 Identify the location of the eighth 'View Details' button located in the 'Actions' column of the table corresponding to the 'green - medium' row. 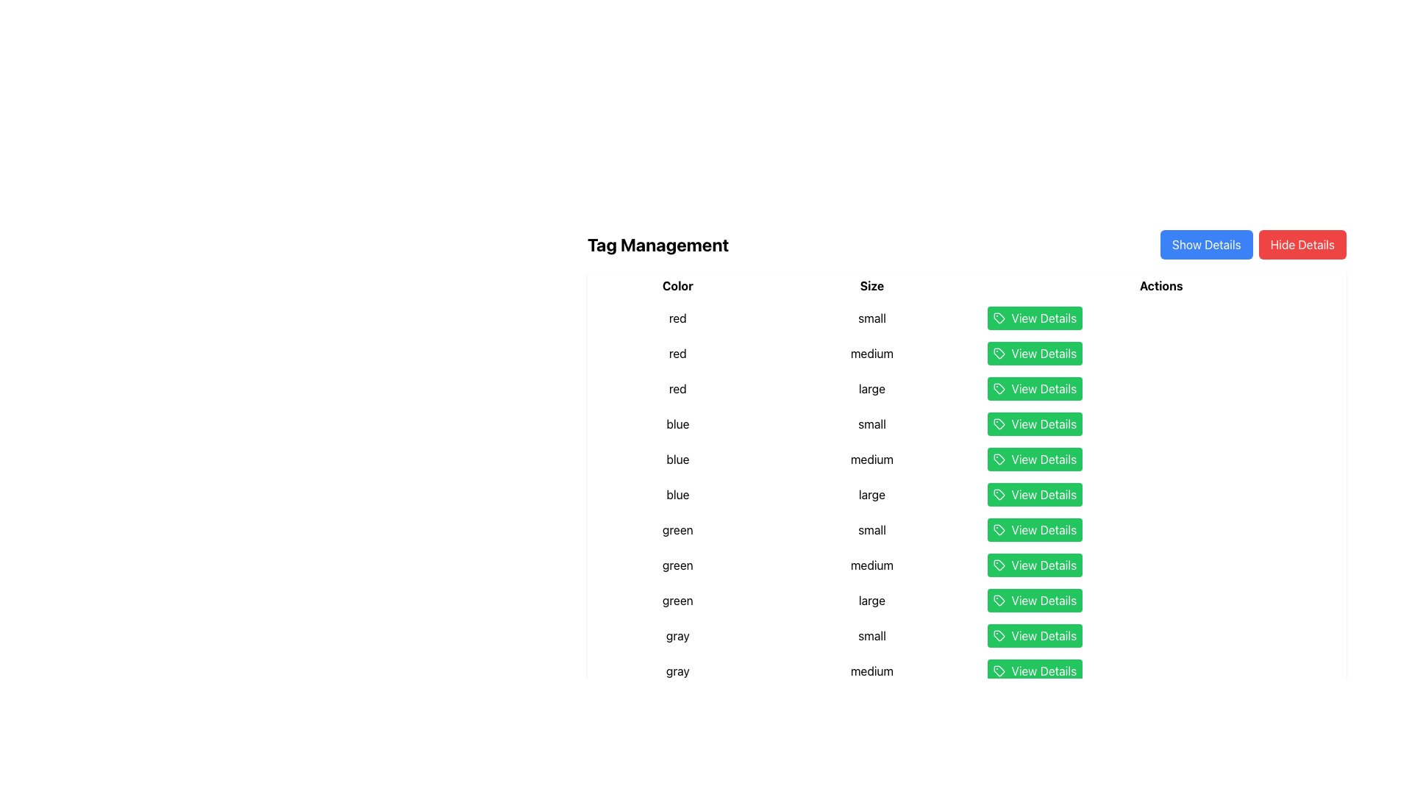
(1034, 530).